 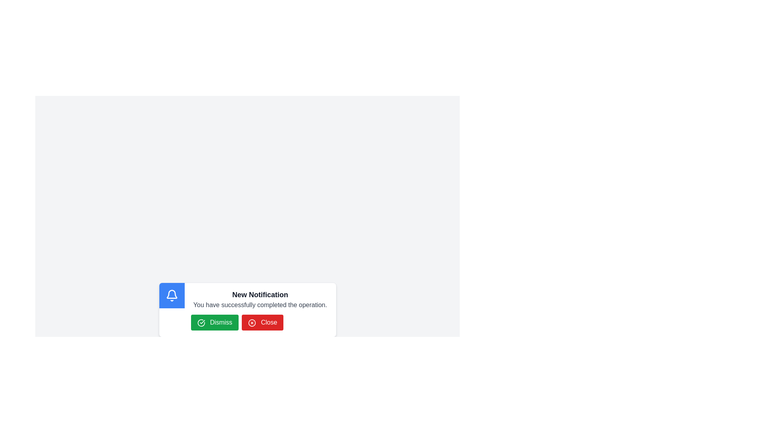 I want to click on the small circular red icon with an 'X' symbol located inside the 'Close' button at the bottom-right of the notification modal, so click(x=251, y=323).